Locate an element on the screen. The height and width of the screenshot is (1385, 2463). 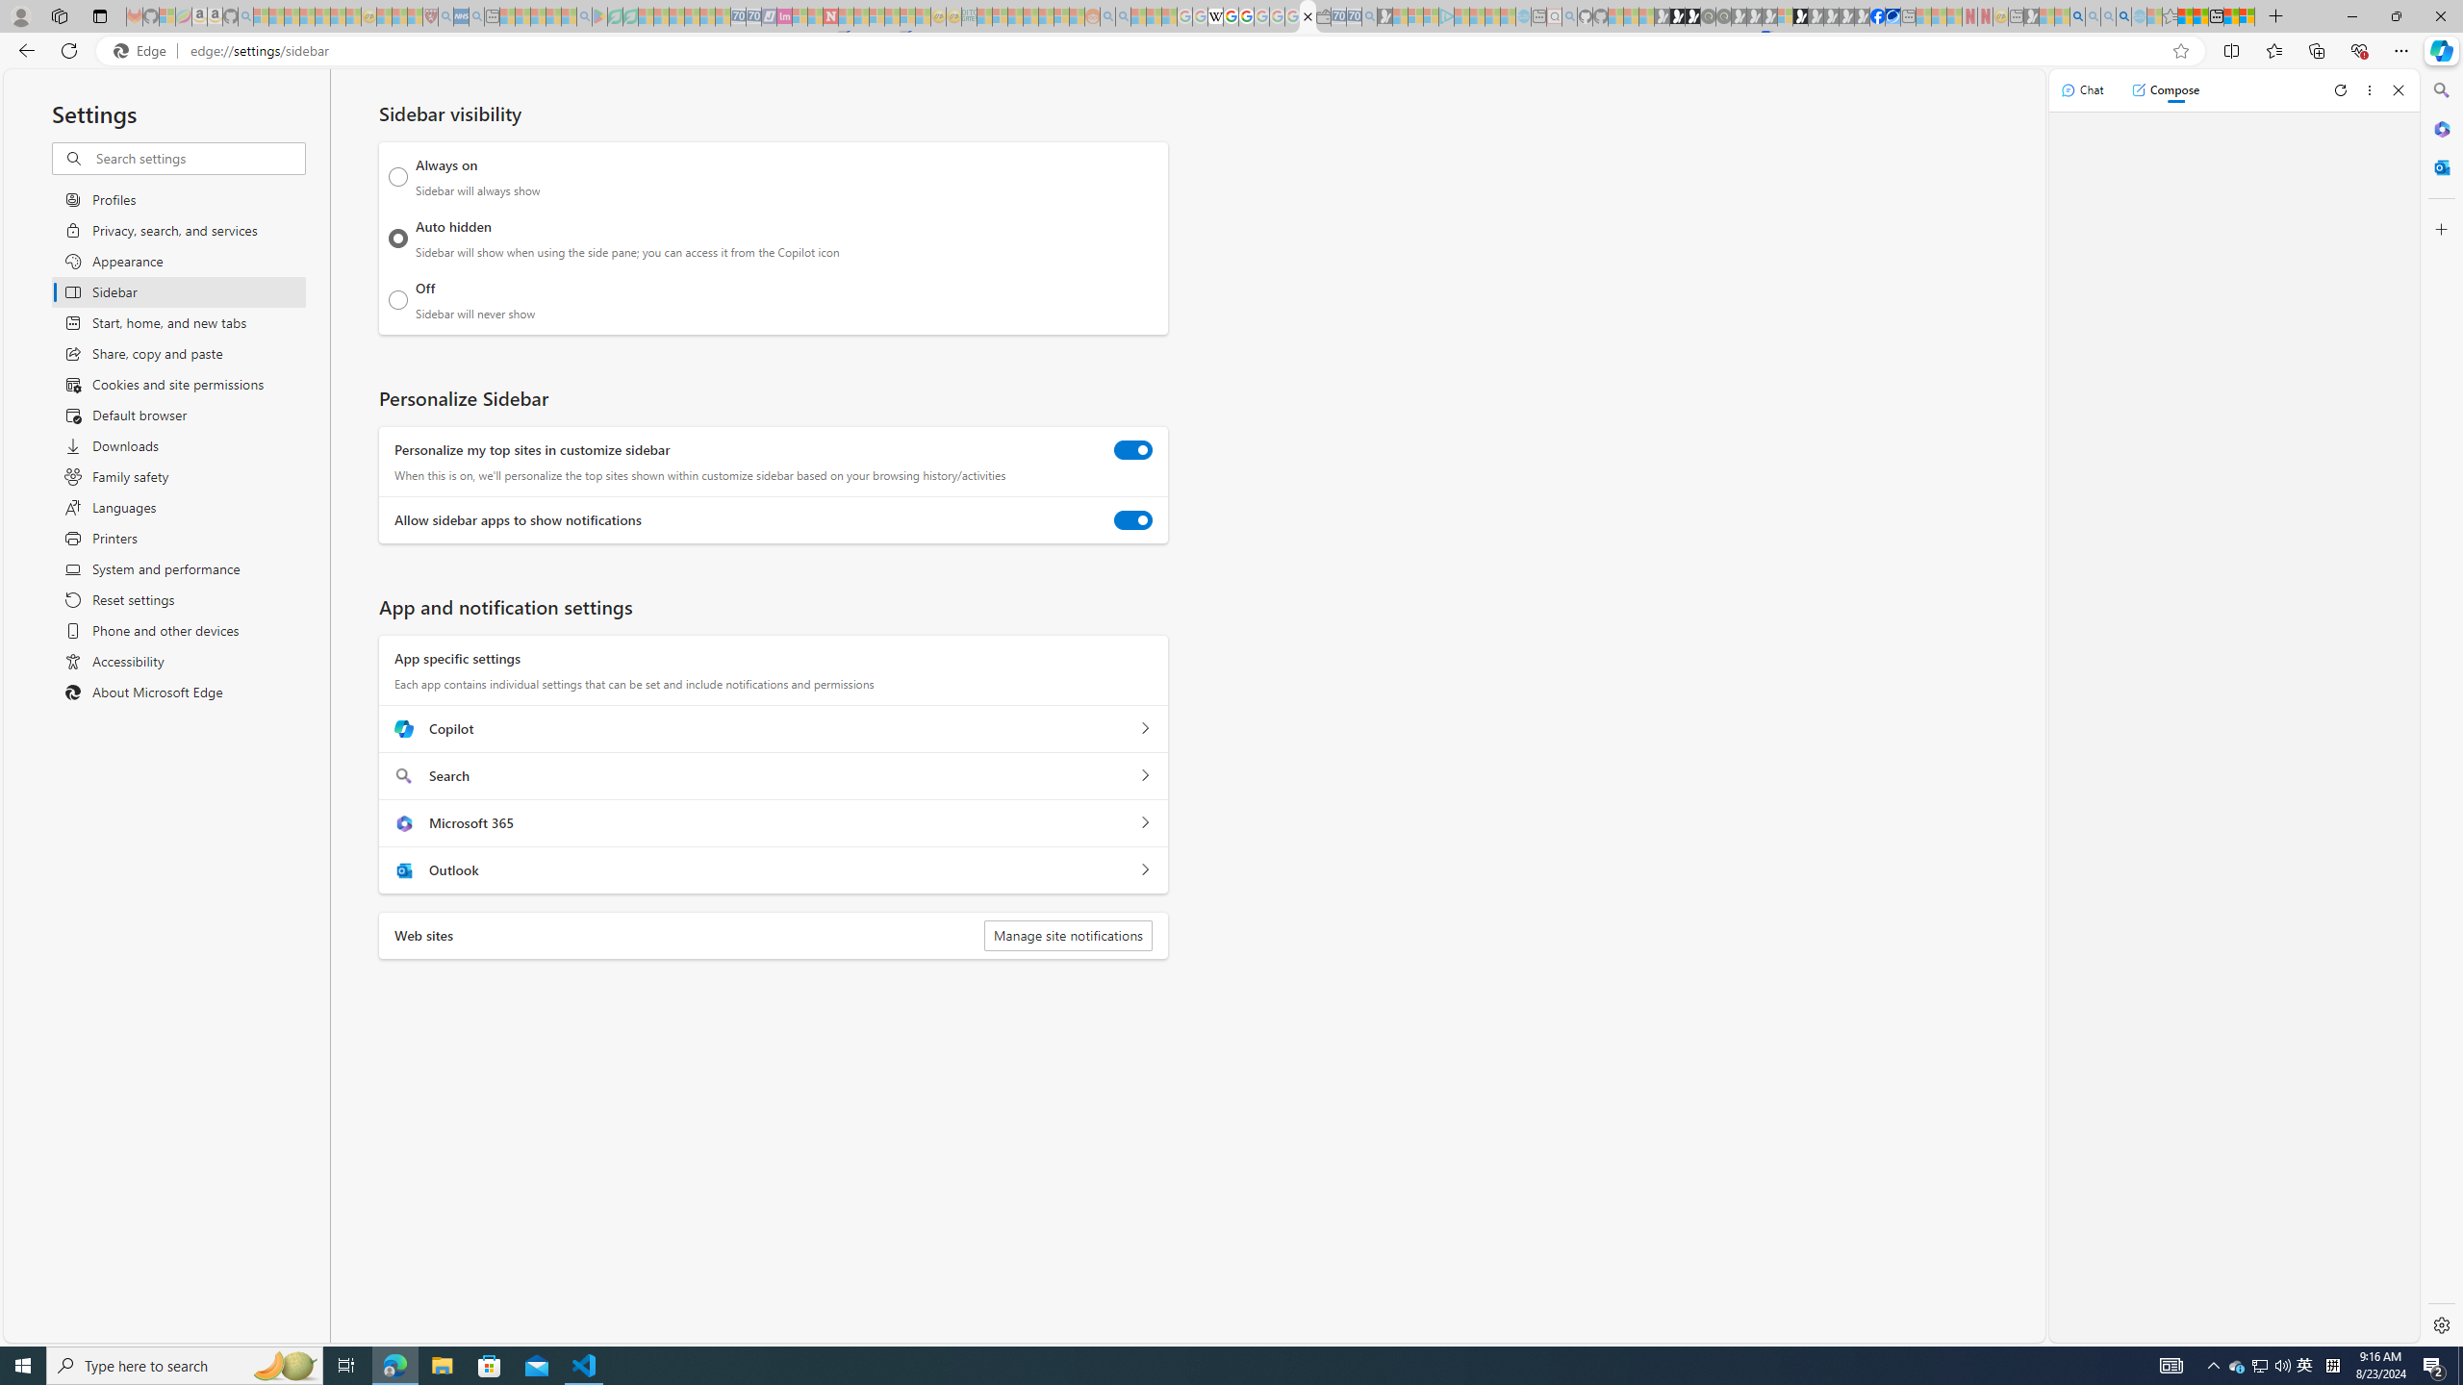
'14 Common Myths Debunked By Scientific Facts - Sleeping' is located at coordinates (859, 15).